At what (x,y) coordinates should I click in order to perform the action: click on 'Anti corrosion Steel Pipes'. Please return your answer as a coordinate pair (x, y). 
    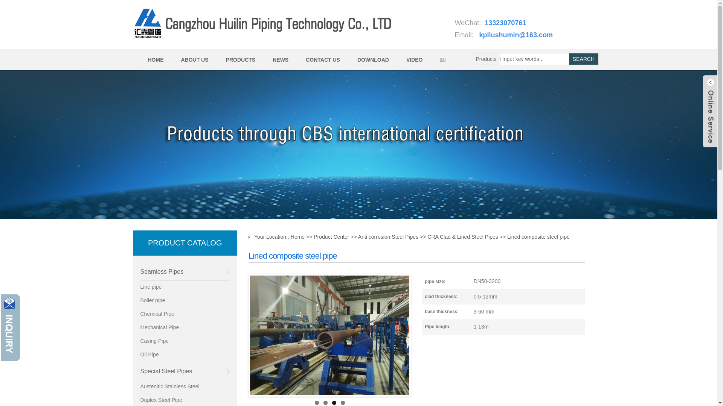
    Looking at the image, I should click on (388, 236).